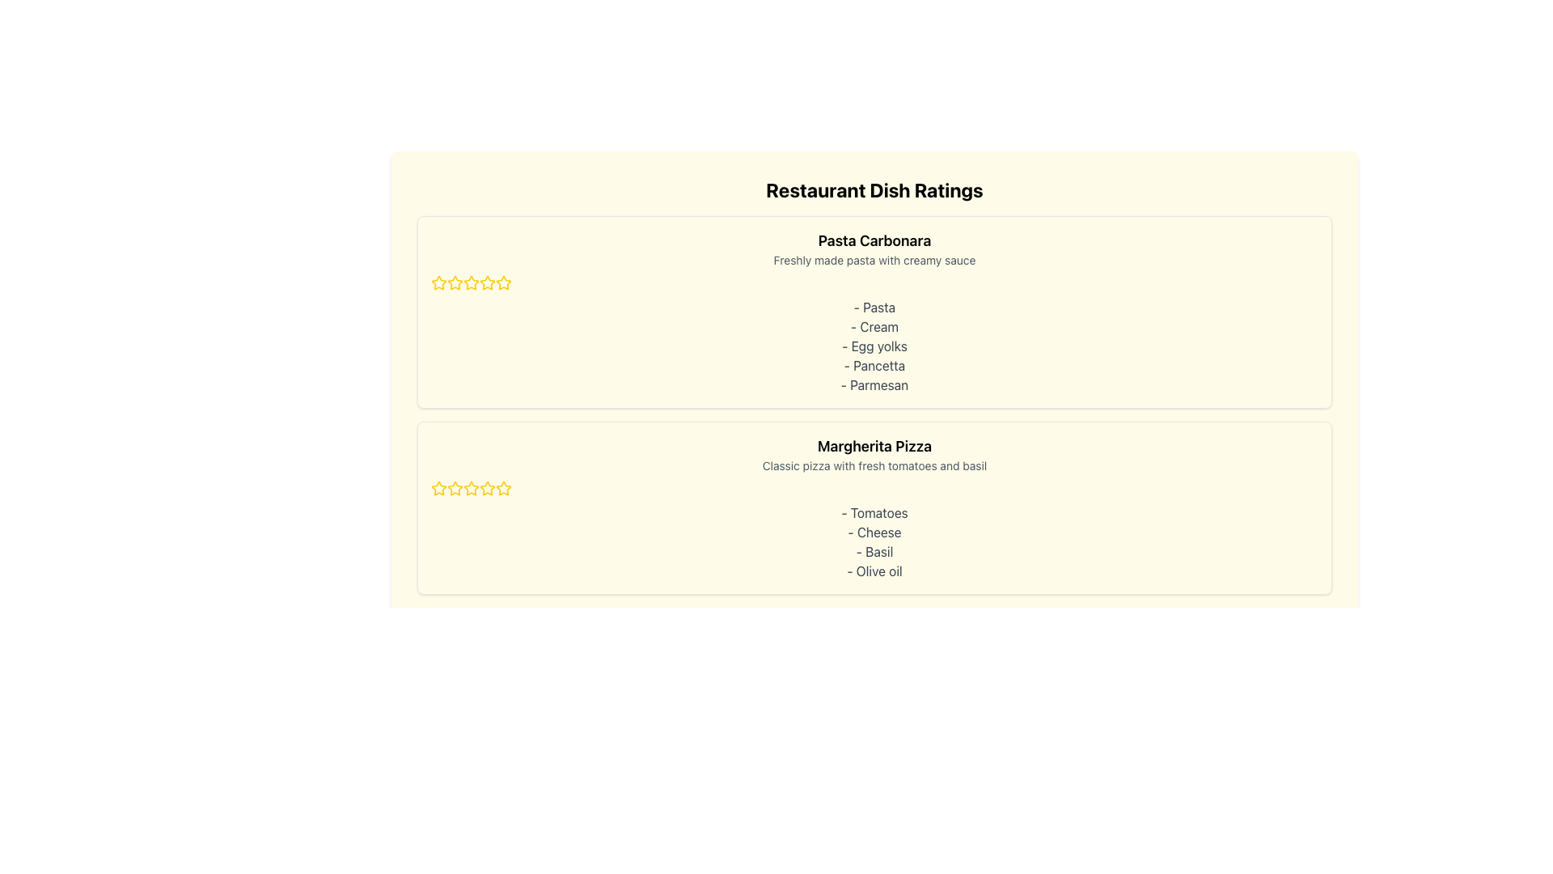 This screenshot has width=1553, height=874. Describe the element at coordinates (503, 282) in the screenshot. I see `the fourth star icon in the rating widget for 'Pasta Carbonara'` at that location.